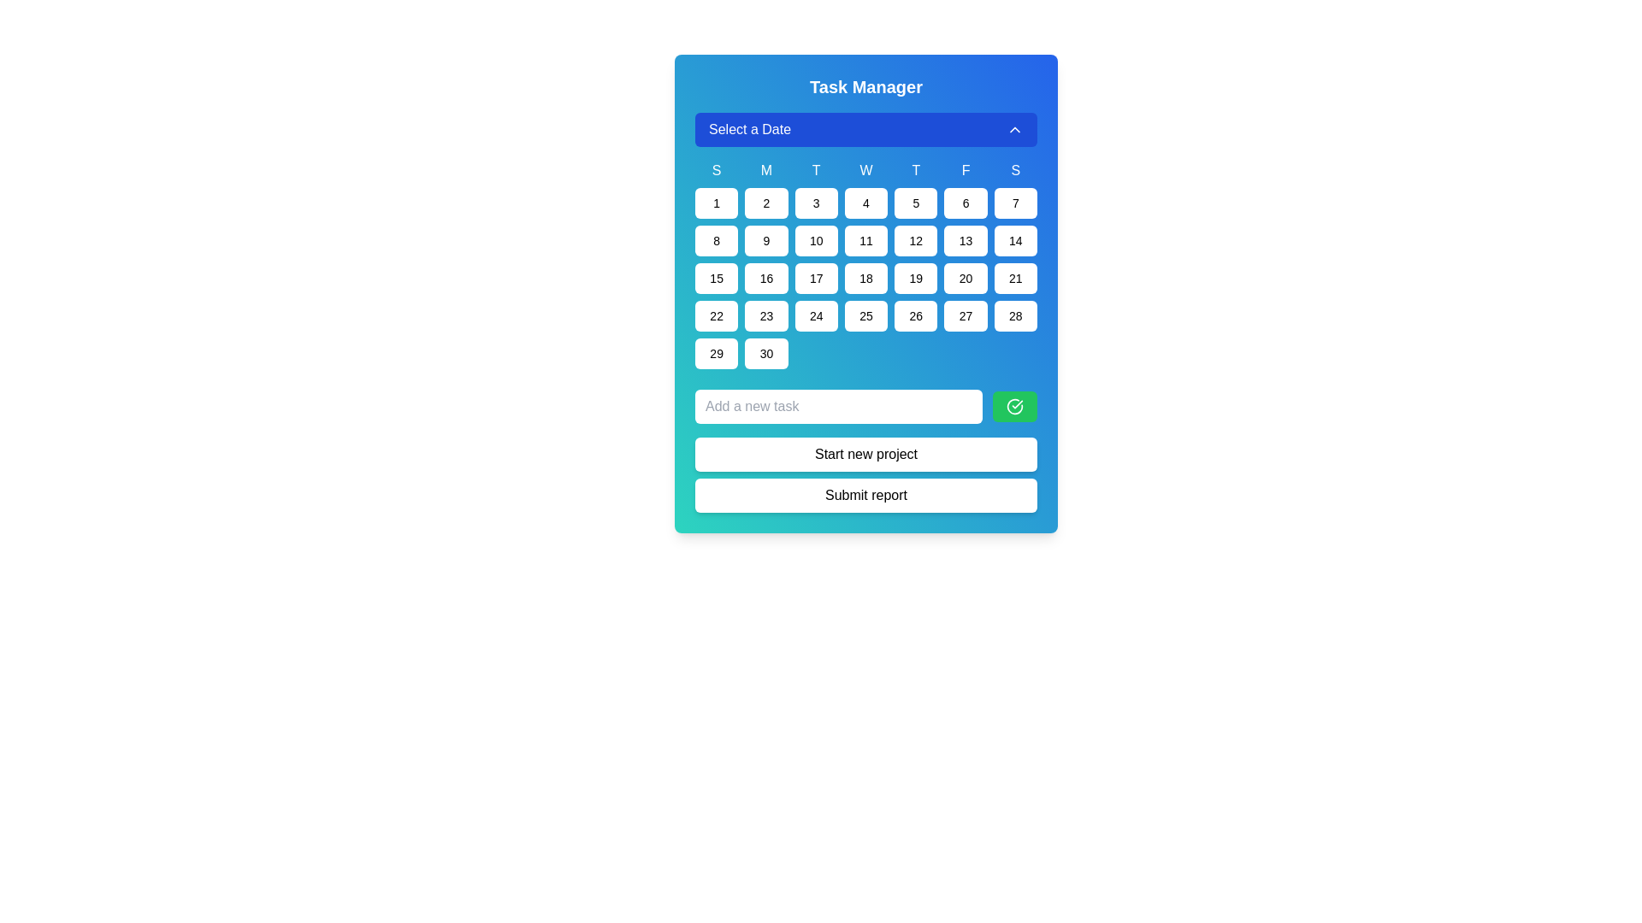  What do you see at coordinates (865, 450) in the screenshot?
I see `the first task option in the vertically-aligned series of buttons below the 'Add a new task' input field to interact with the task management system` at bounding box center [865, 450].